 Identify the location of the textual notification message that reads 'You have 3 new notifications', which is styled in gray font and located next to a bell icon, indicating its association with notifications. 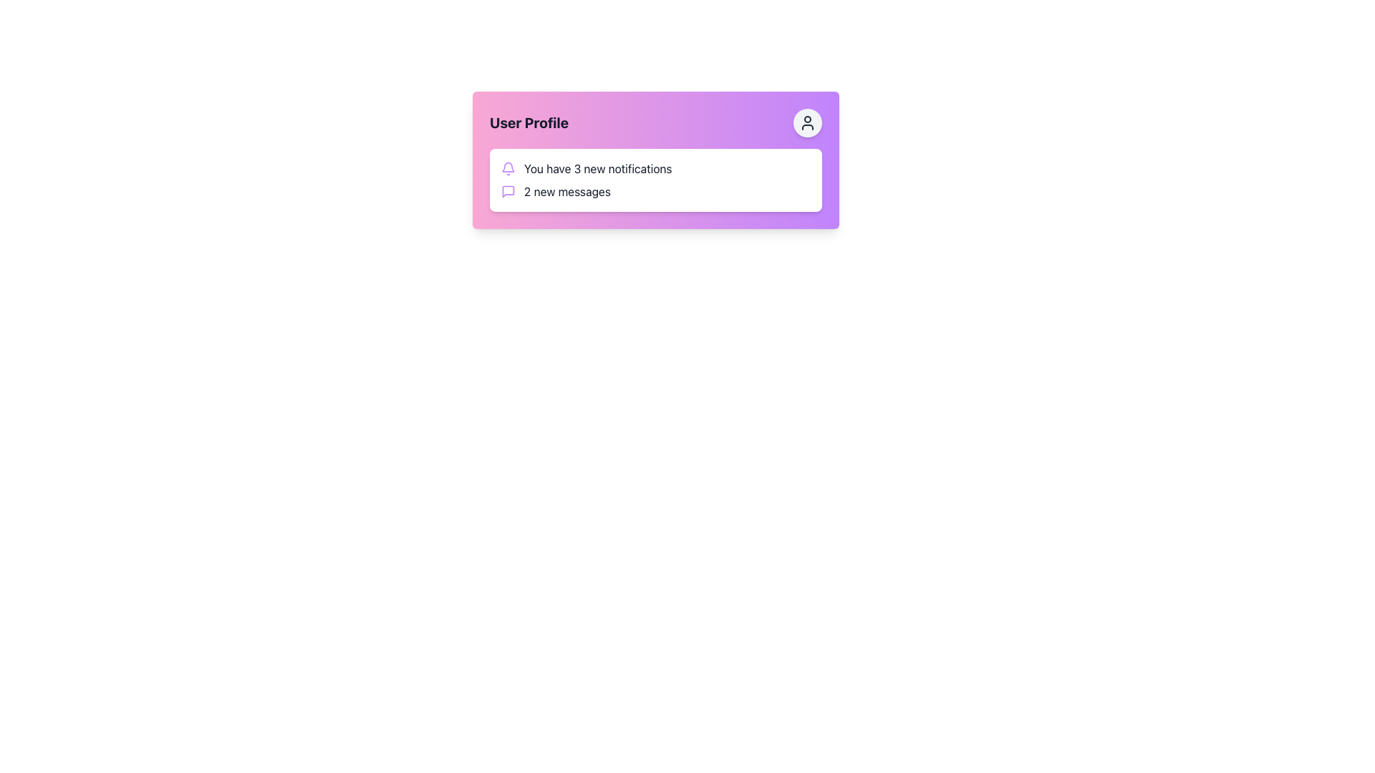
(598, 167).